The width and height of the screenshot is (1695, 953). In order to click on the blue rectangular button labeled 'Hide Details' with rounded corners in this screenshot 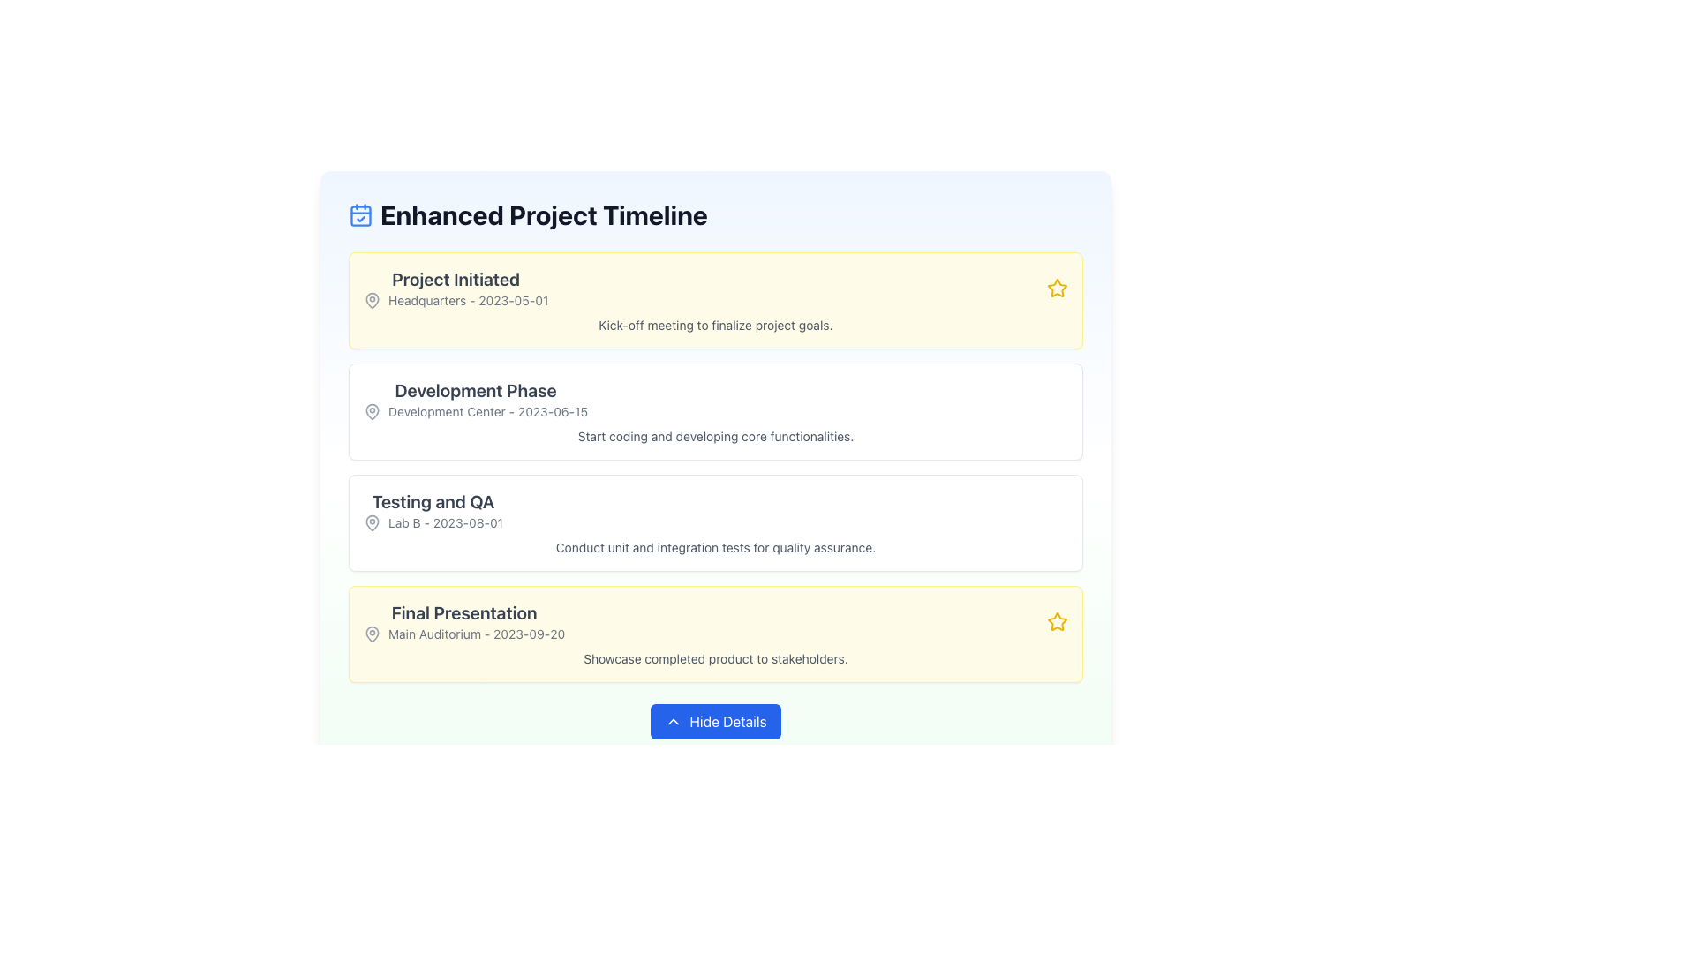, I will do `click(716, 721)`.